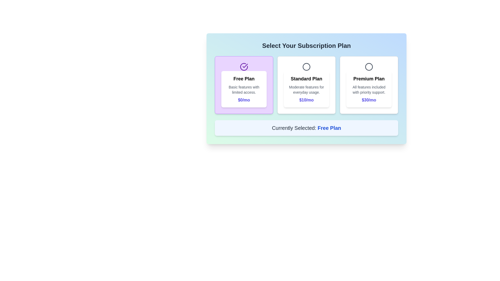 This screenshot has width=500, height=281. Describe the element at coordinates (368, 67) in the screenshot. I see `the circular icon with a thin border located at the top-center of the Premium Plan card, which is the rightmost card among the three options` at that location.